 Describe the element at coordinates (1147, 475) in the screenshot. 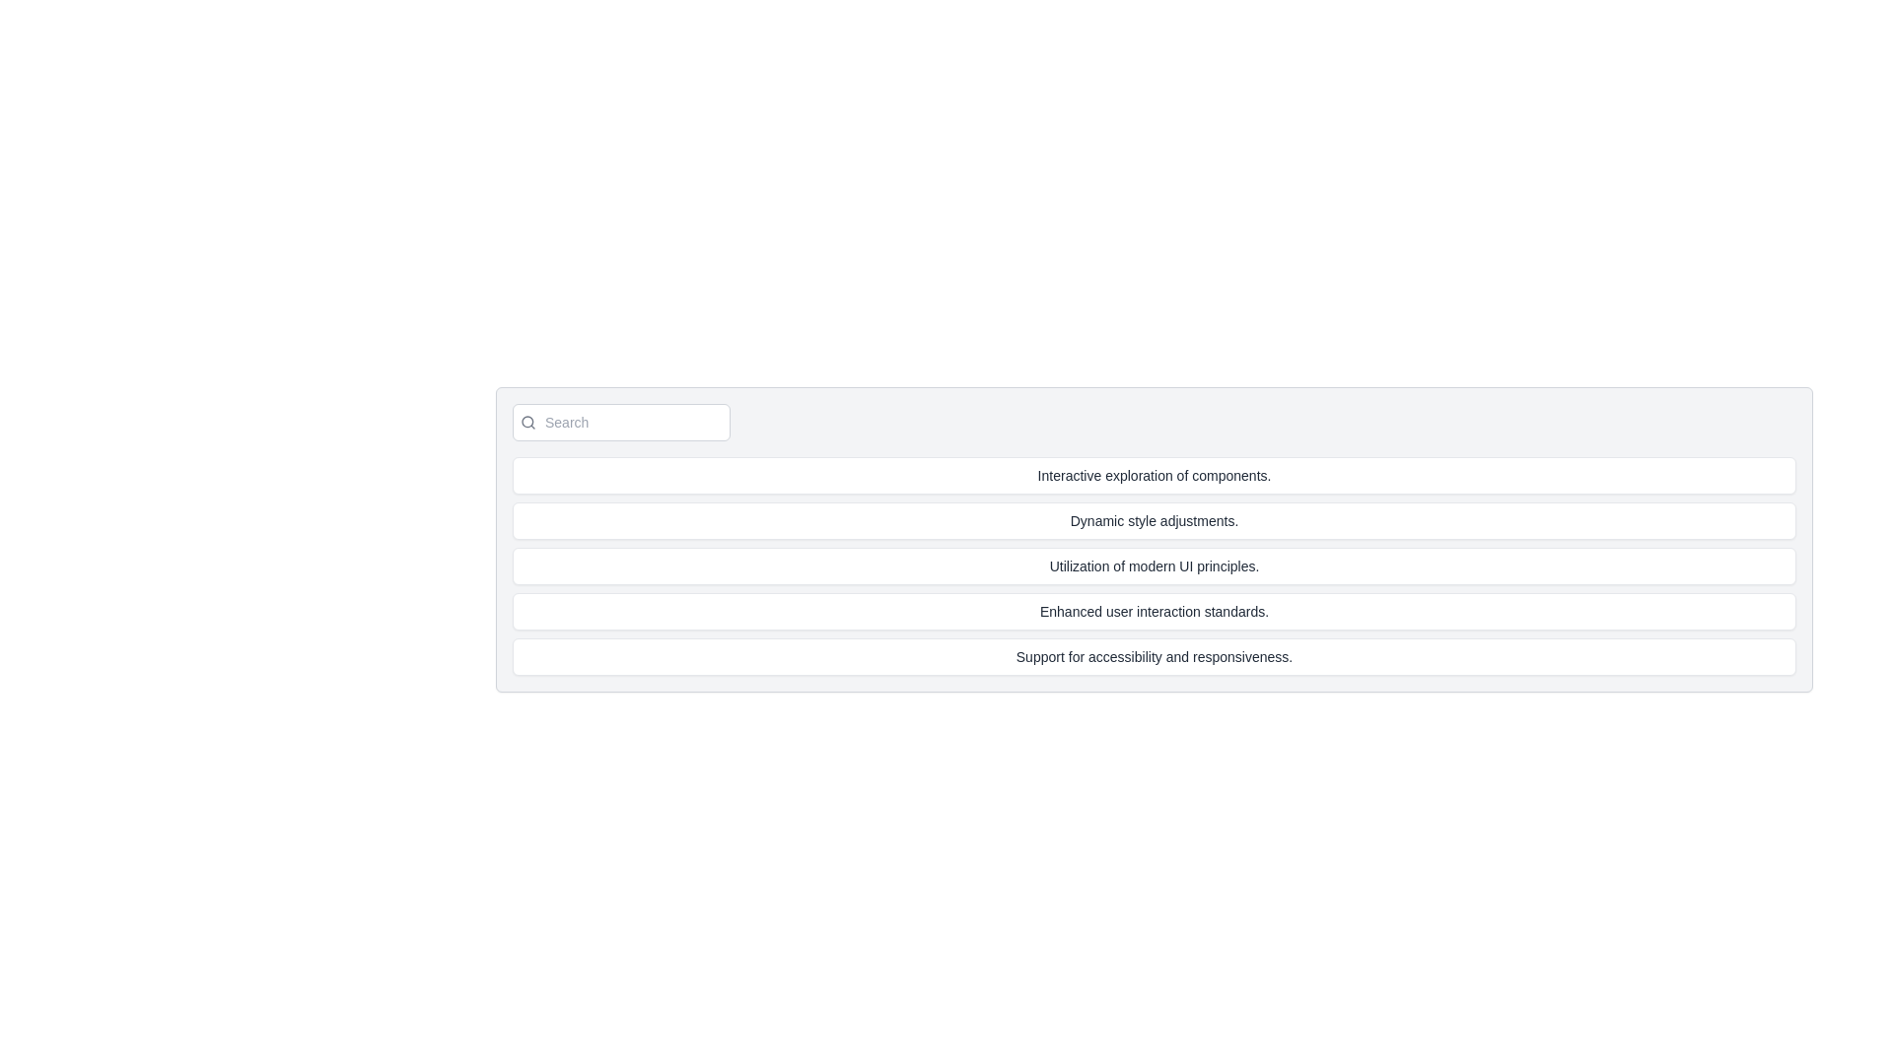

I see `the static text character 'e' in the word 'exploration' within the sentence 'Interactive exploration of components.' for accessibility purposes` at that location.